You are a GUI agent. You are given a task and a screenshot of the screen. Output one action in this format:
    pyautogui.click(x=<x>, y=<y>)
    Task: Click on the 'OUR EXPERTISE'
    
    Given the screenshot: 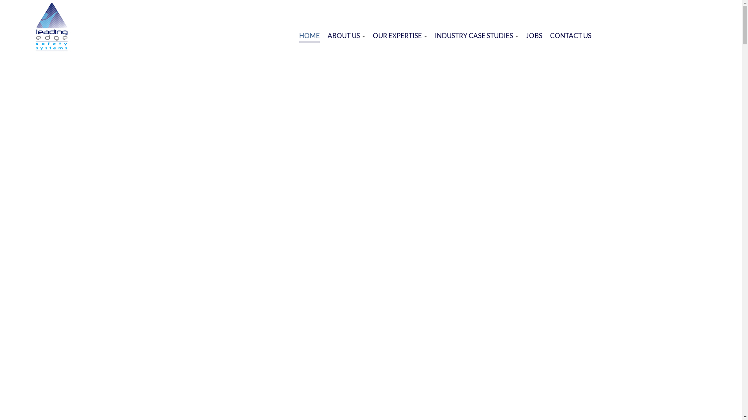 What is the action you would take?
    pyautogui.click(x=399, y=36)
    